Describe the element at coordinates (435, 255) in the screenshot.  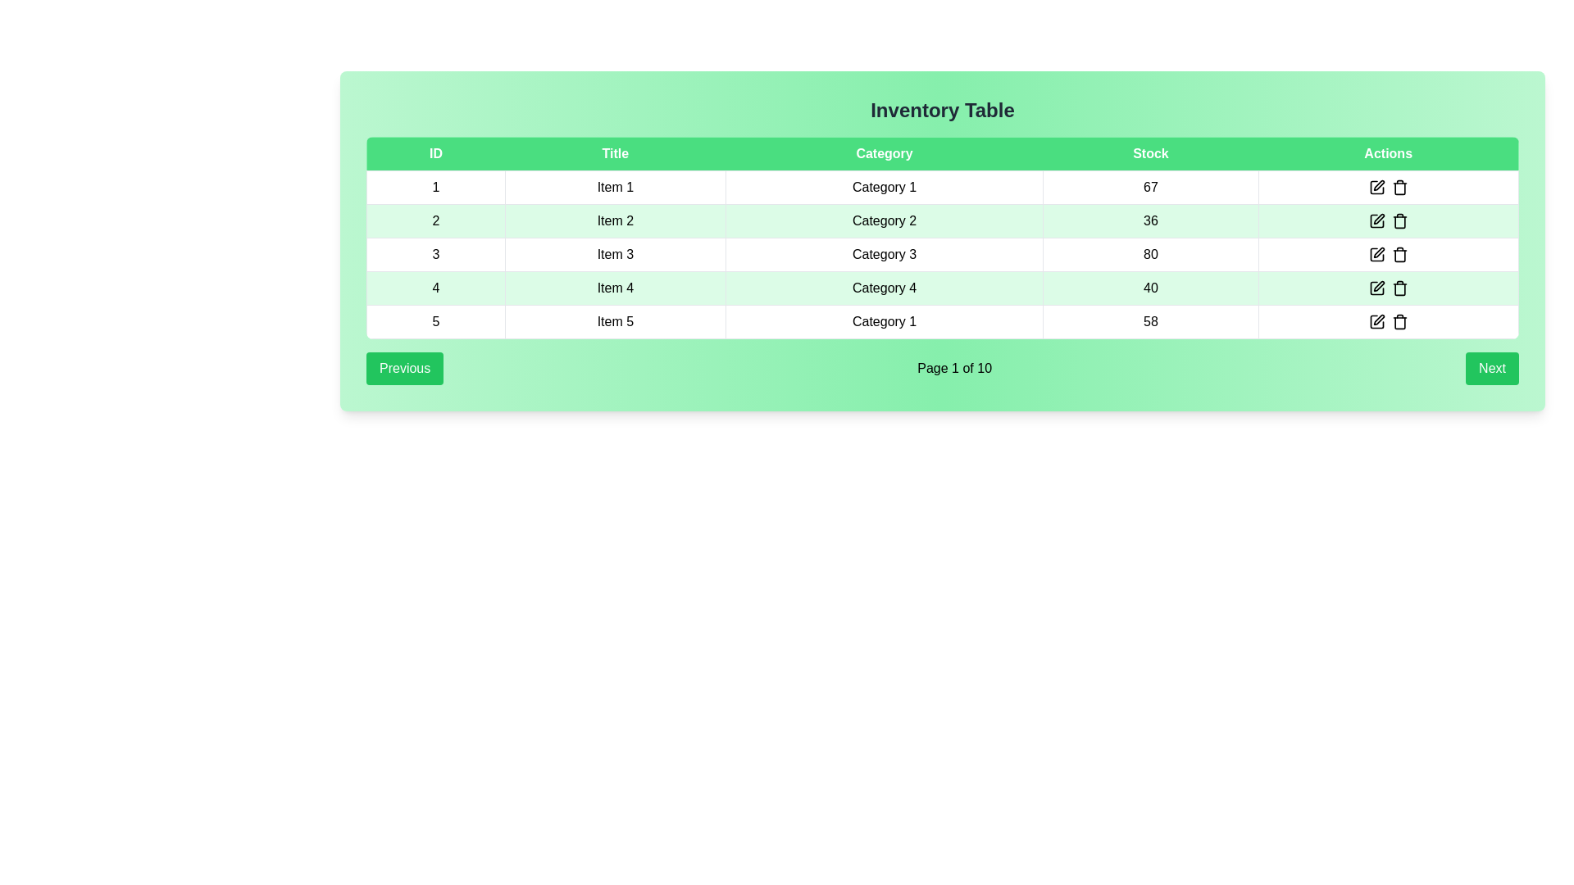
I see `the table cell displaying the ID of the item in the third row and first column of the table, located under the 'ID' header` at that location.